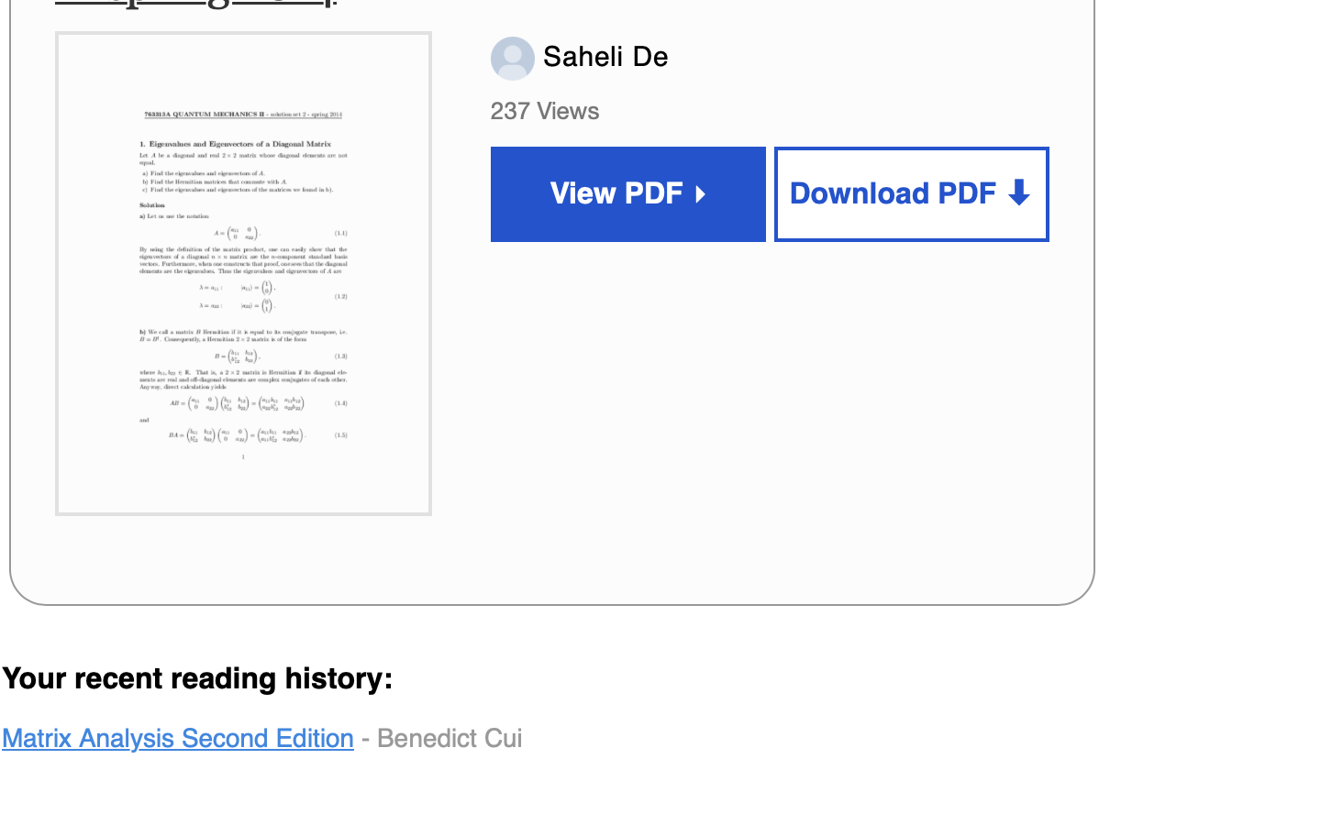 This screenshot has width=1321, height=825. What do you see at coordinates (911, 194) in the screenshot?
I see `'Download PDF ⬇'` at bounding box center [911, 194].